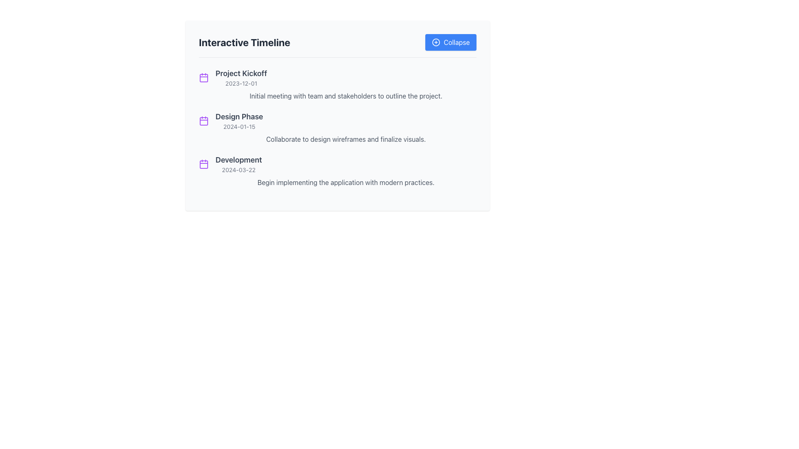  Describe the element at coordinates (241, 73) in the screenshot. I see `header text 'Project Kickoff' which is styled in bold and located at the top of the timeline widget under 'Interactive Timeline'` at that location.